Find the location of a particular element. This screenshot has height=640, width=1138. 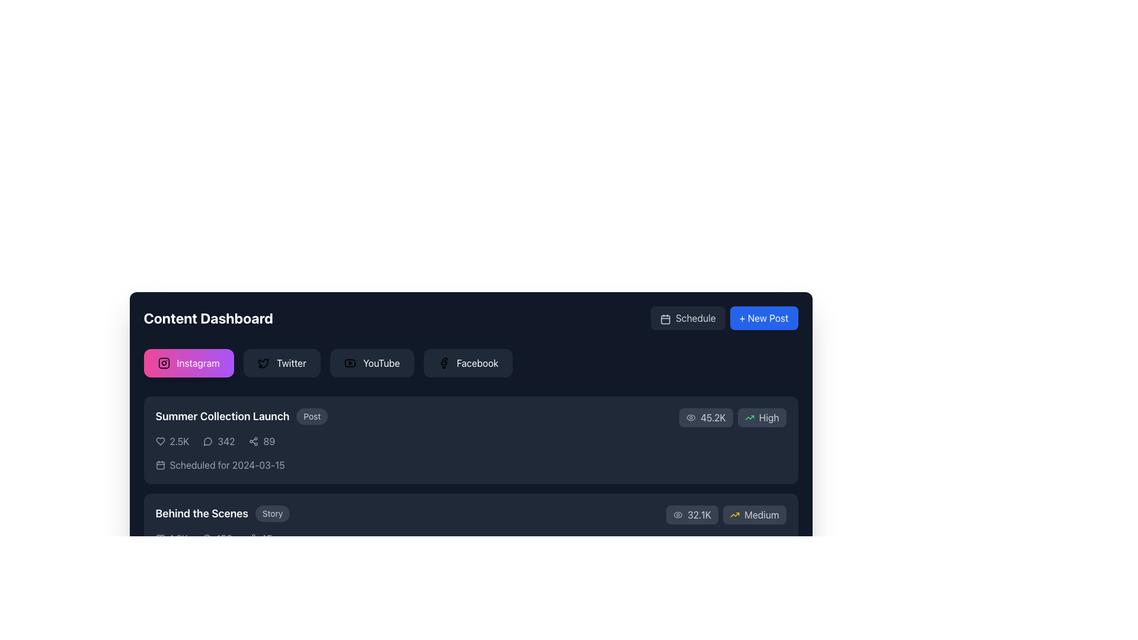

the rectangular button with rounded corners, displaying a gradient from pink to purple, featuring an Instagram icon and the text 'Instagram' in white is located at coordinates (188, 363).